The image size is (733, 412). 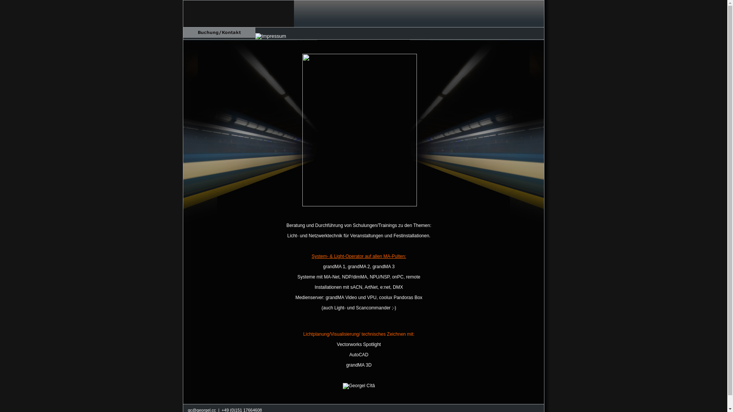 What do you see at coordinates (271, 36) in the screenshot?
I see `'Impressum'` at bounding box center [271, 36].